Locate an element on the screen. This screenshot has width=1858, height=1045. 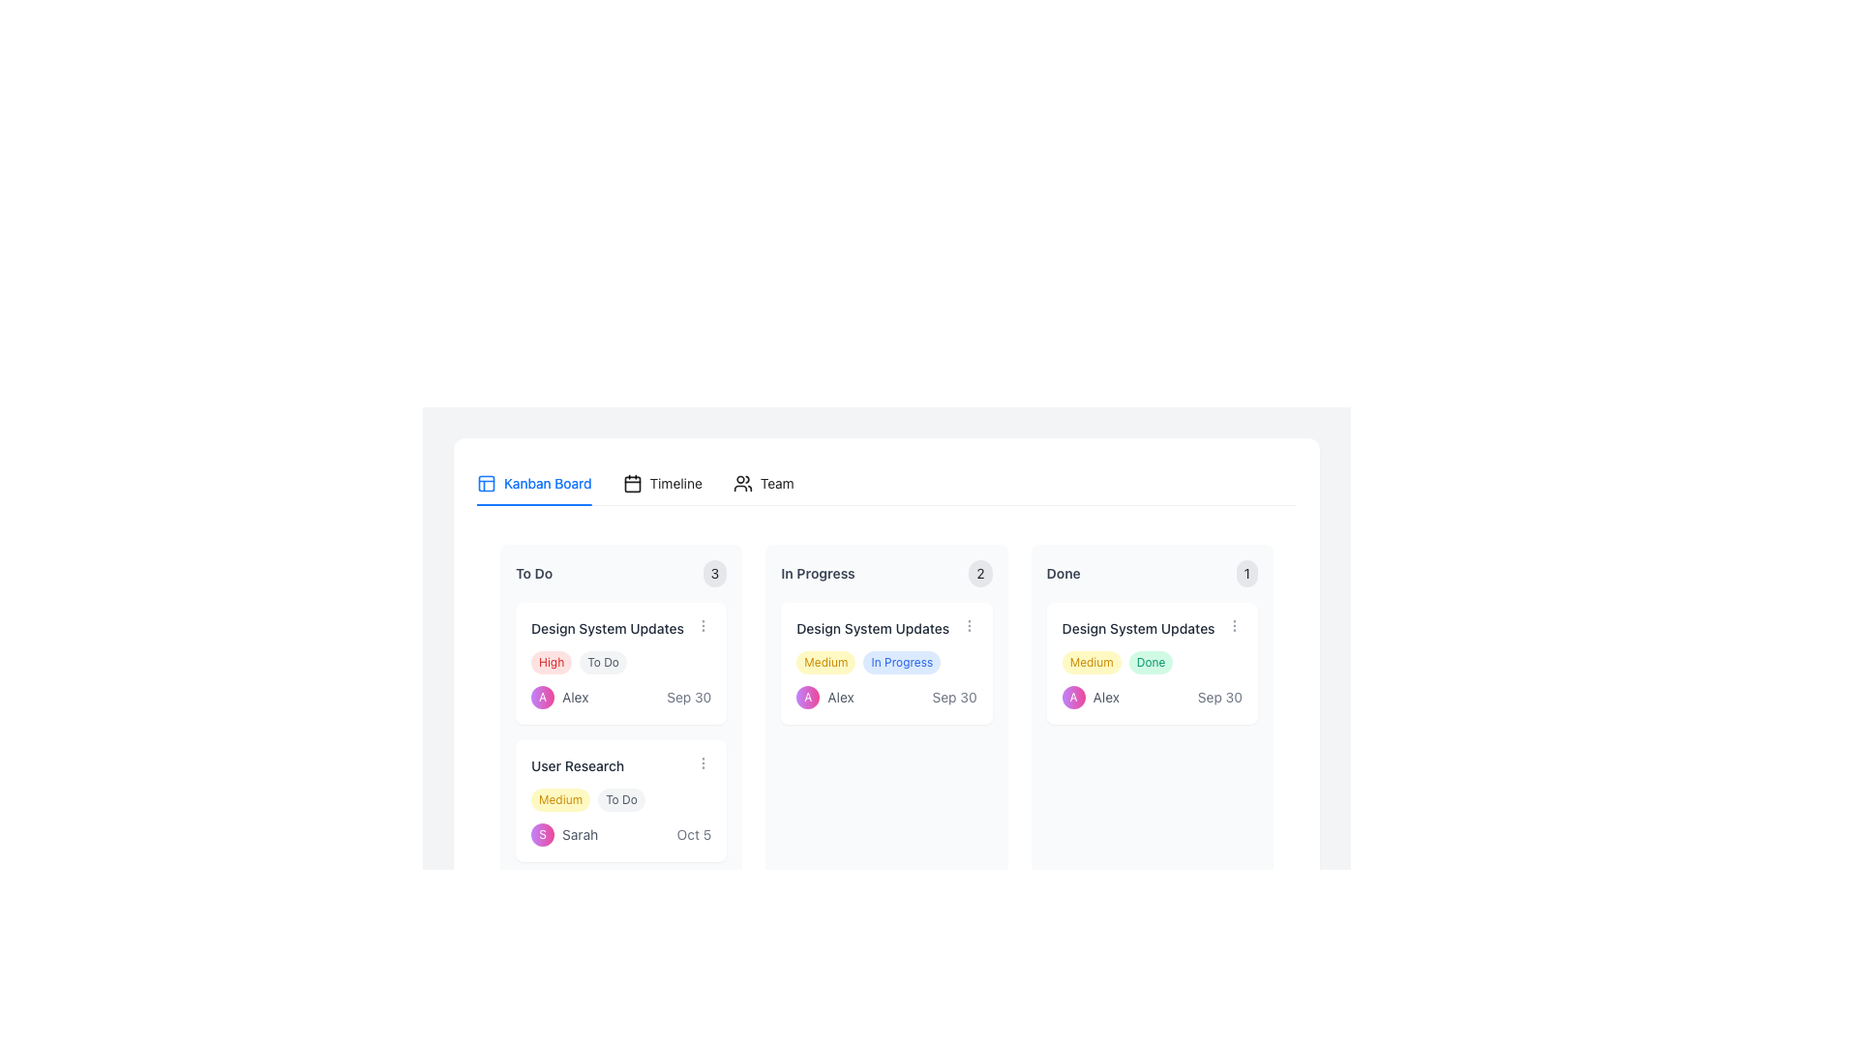
the circular badge or avatar featuring a gradient background from purple to pink with the letter 'A' in white text, located in the 'In Progress' section of the Kanban board is located at coordinates (808, 698).